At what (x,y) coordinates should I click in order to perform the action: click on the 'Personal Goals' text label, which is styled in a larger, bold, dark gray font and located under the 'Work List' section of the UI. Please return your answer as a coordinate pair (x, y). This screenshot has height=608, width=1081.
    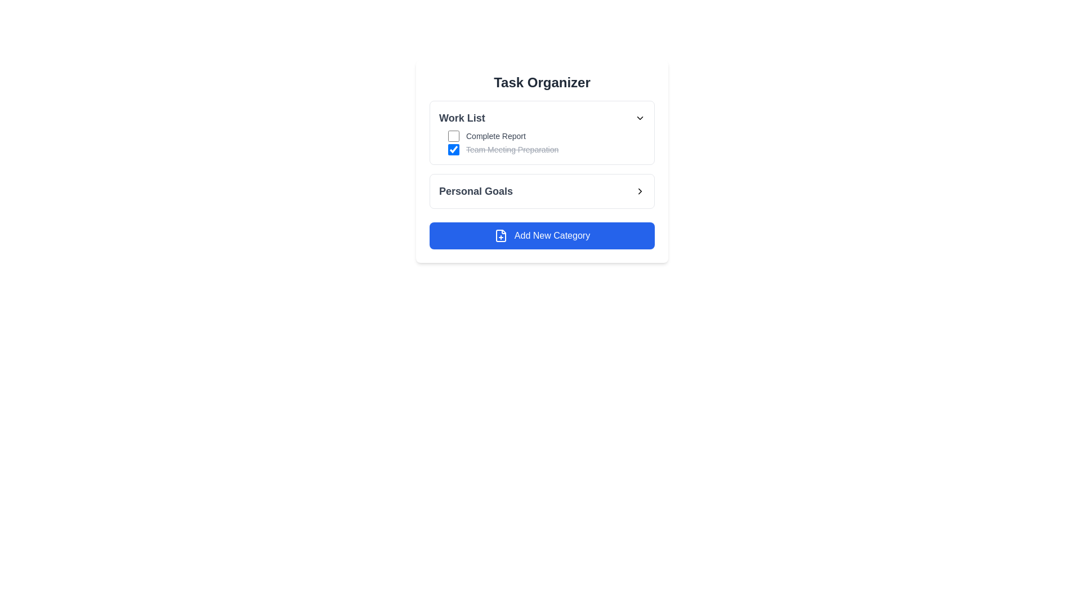
    Looking at the image, I should click on (476, 190).